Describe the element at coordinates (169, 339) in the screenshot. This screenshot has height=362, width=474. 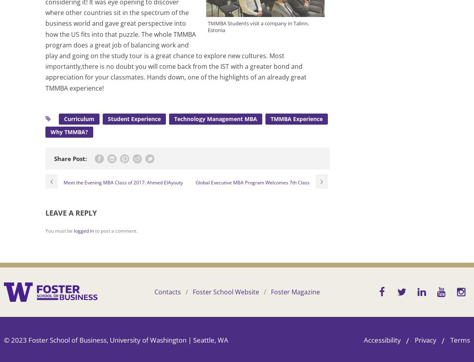
I see `'University of Washington | Seattle, WA'` at that location.